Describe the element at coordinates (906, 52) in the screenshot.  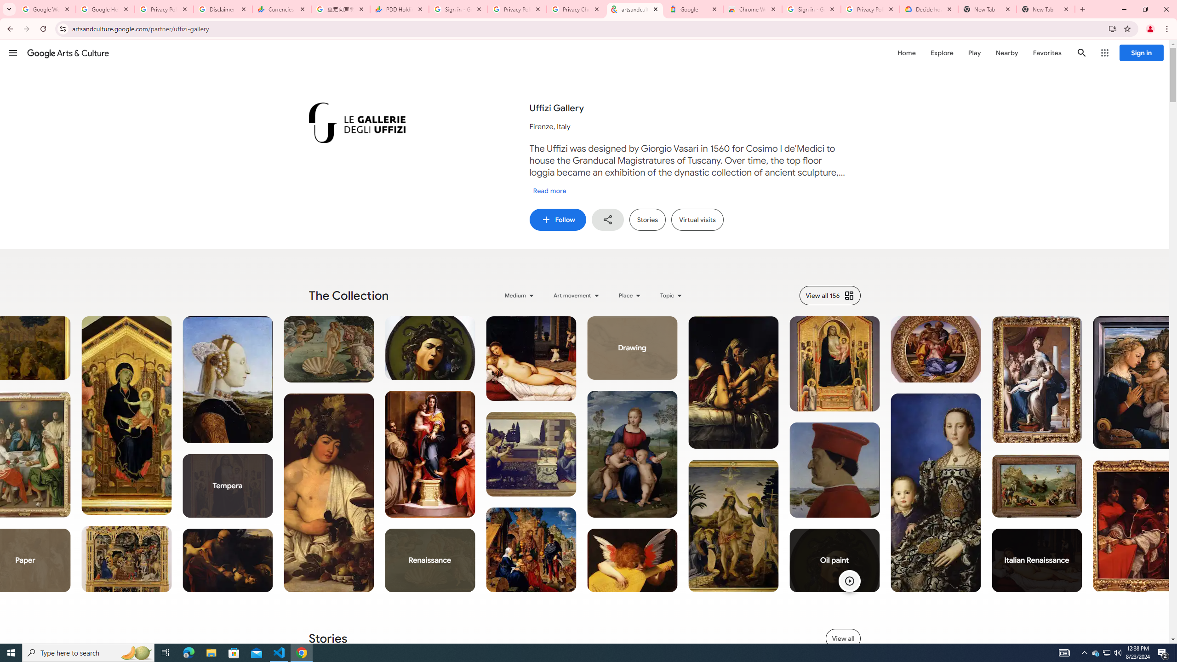
I see `'Home'` at that location.